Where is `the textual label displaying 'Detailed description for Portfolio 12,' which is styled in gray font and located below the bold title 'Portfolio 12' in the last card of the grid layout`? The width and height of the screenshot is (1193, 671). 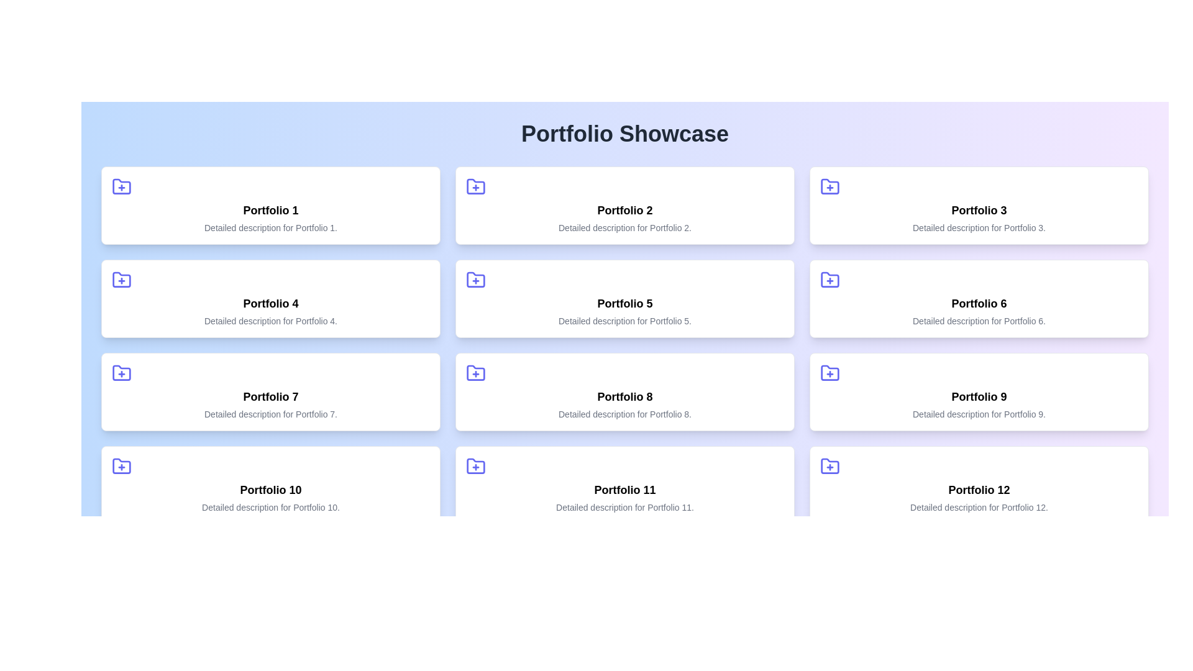
the textual label displaying 'Detailed description for Portfolio 12,' which is styled in gray font and located below the bold title 'Portfolio 12' in the last card of the grid layout is located at coordinates (978, 508).